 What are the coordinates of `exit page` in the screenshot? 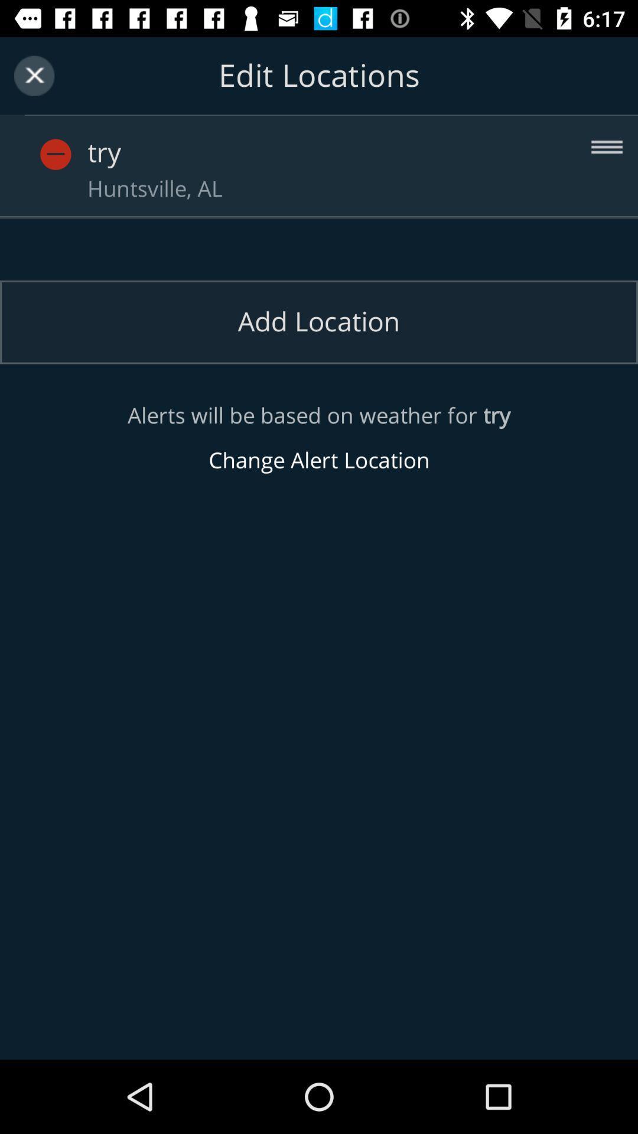 It's located at (34, 75).